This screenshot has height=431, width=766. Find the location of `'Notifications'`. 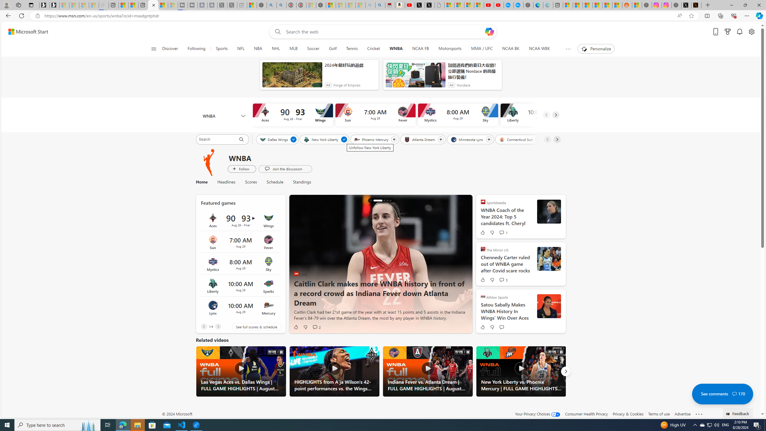

'Notifications' is located at coordinates (739, 32).